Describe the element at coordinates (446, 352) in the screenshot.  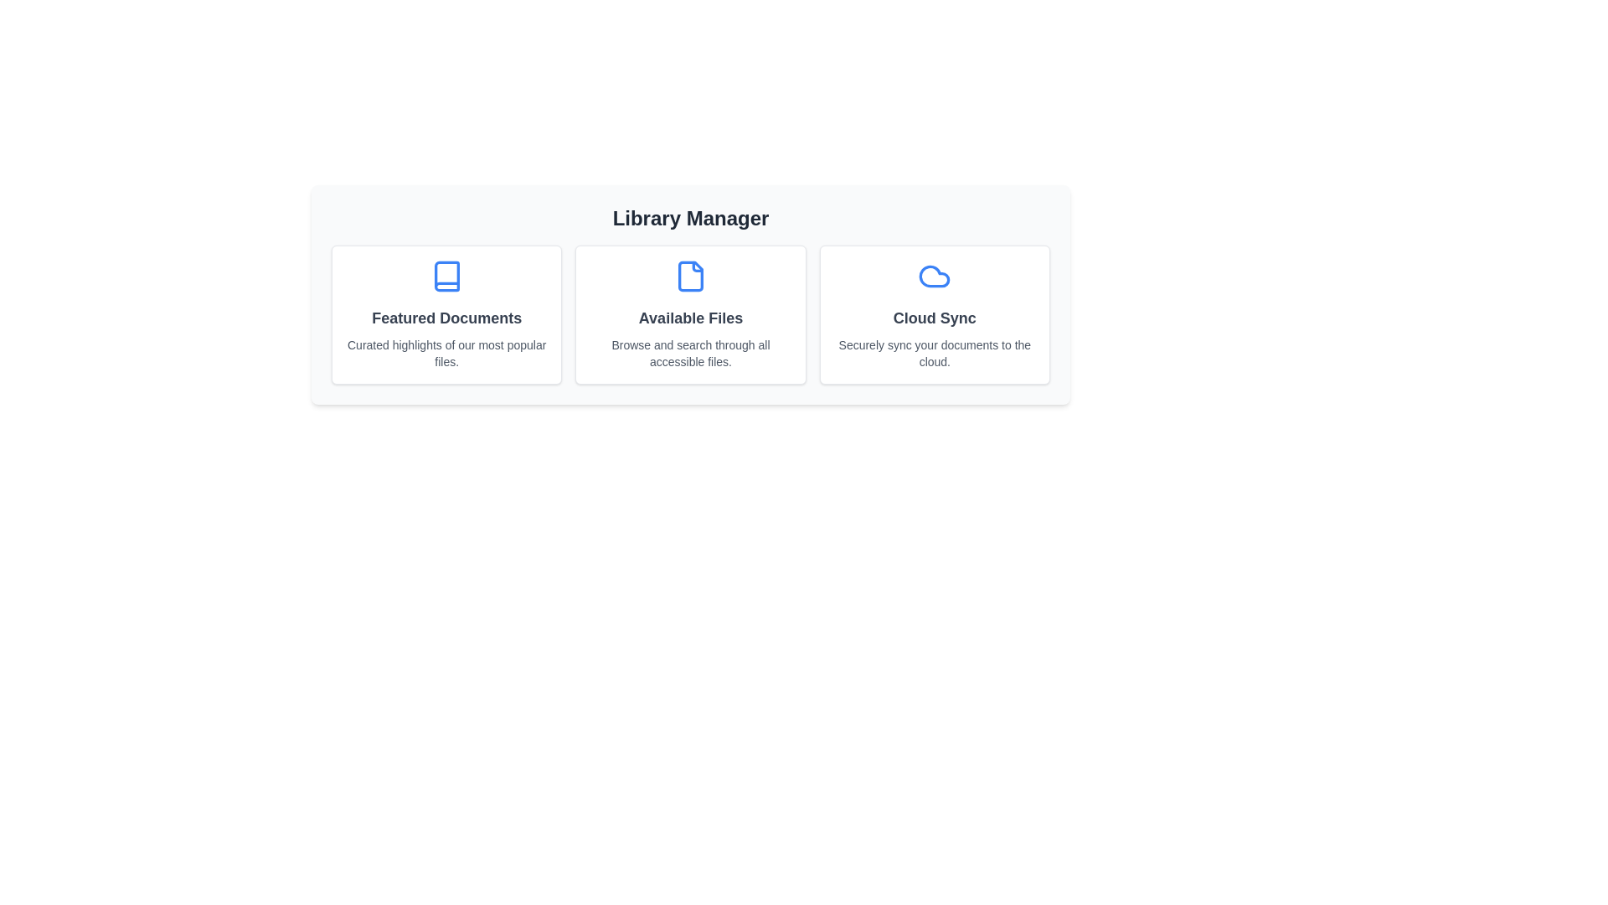
I see `the descriptive text of the section Featured Documents` at that location.